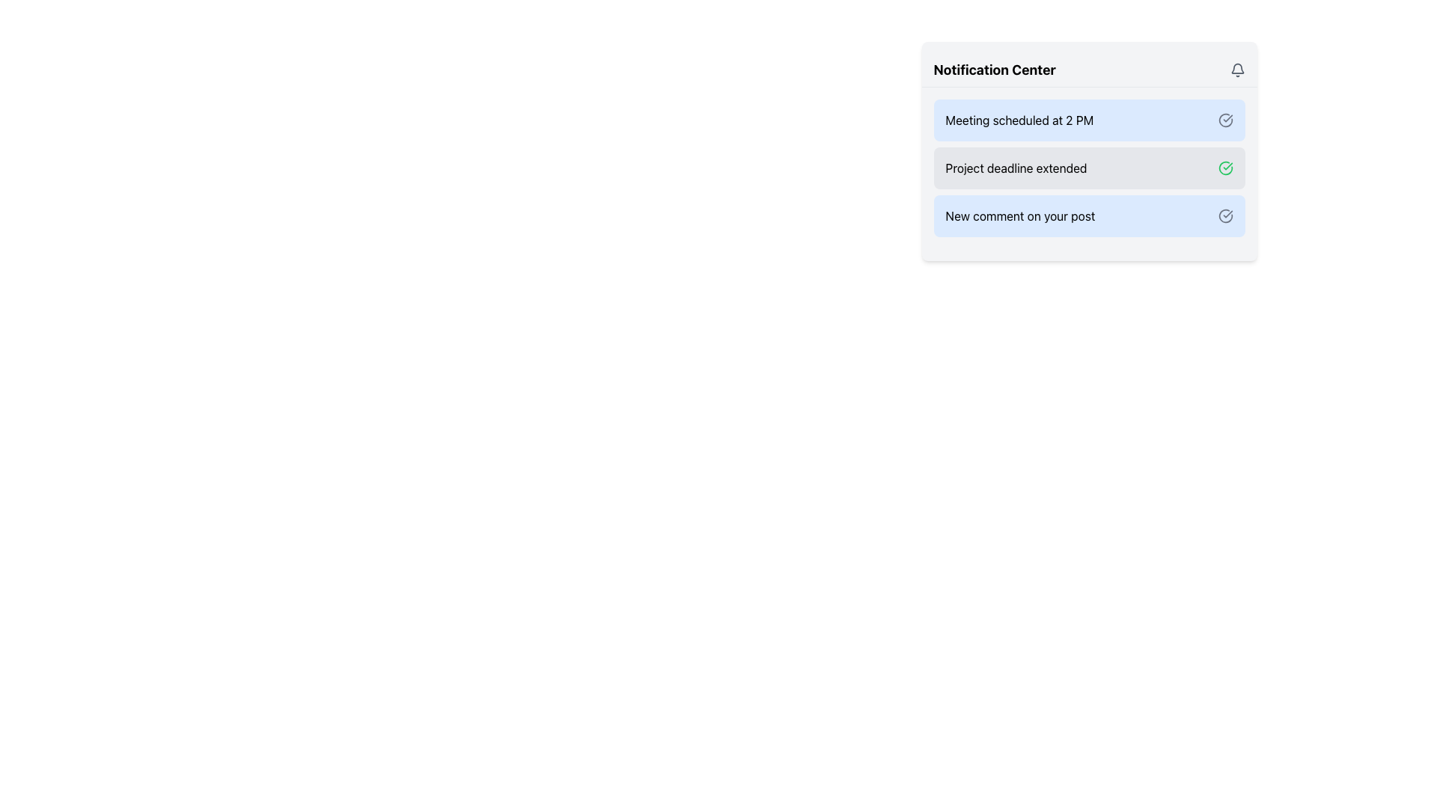 This screenshot has width=1437, height=808. I want to click on the circular blue-gray checkmark icon located to the right of the 'New comment on your post' text in the notification entry, so click(1225, 216).